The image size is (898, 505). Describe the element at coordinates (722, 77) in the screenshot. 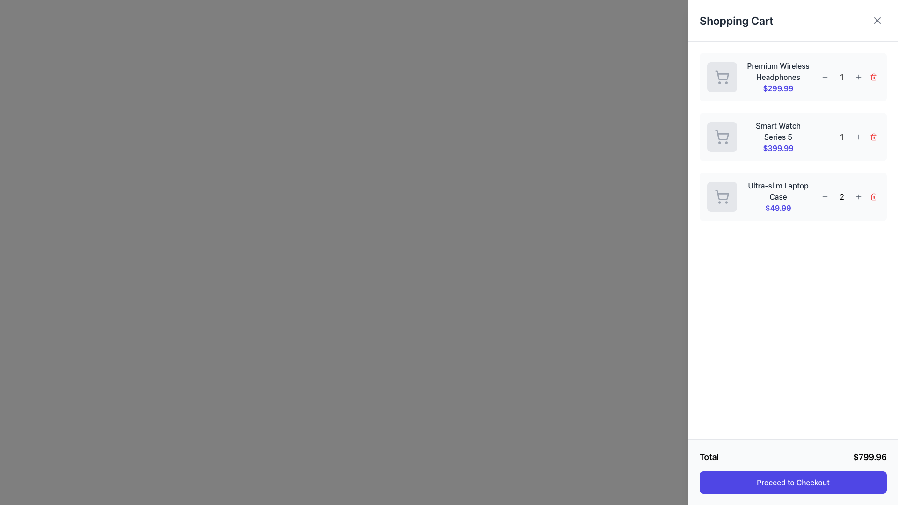

I see `the shopping cart icon with gray outlines located next to the 'Premium Wireless Headphones' label` at that location.